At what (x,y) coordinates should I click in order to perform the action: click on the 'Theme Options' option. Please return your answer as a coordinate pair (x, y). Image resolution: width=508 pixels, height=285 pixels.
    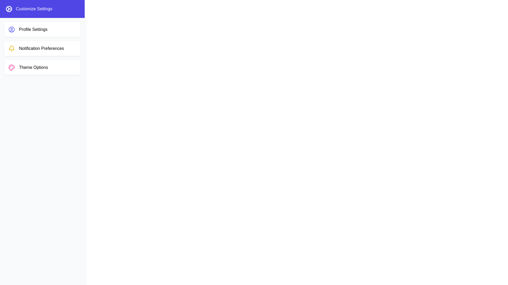
    Looking at the image, I should click on (42, 67).